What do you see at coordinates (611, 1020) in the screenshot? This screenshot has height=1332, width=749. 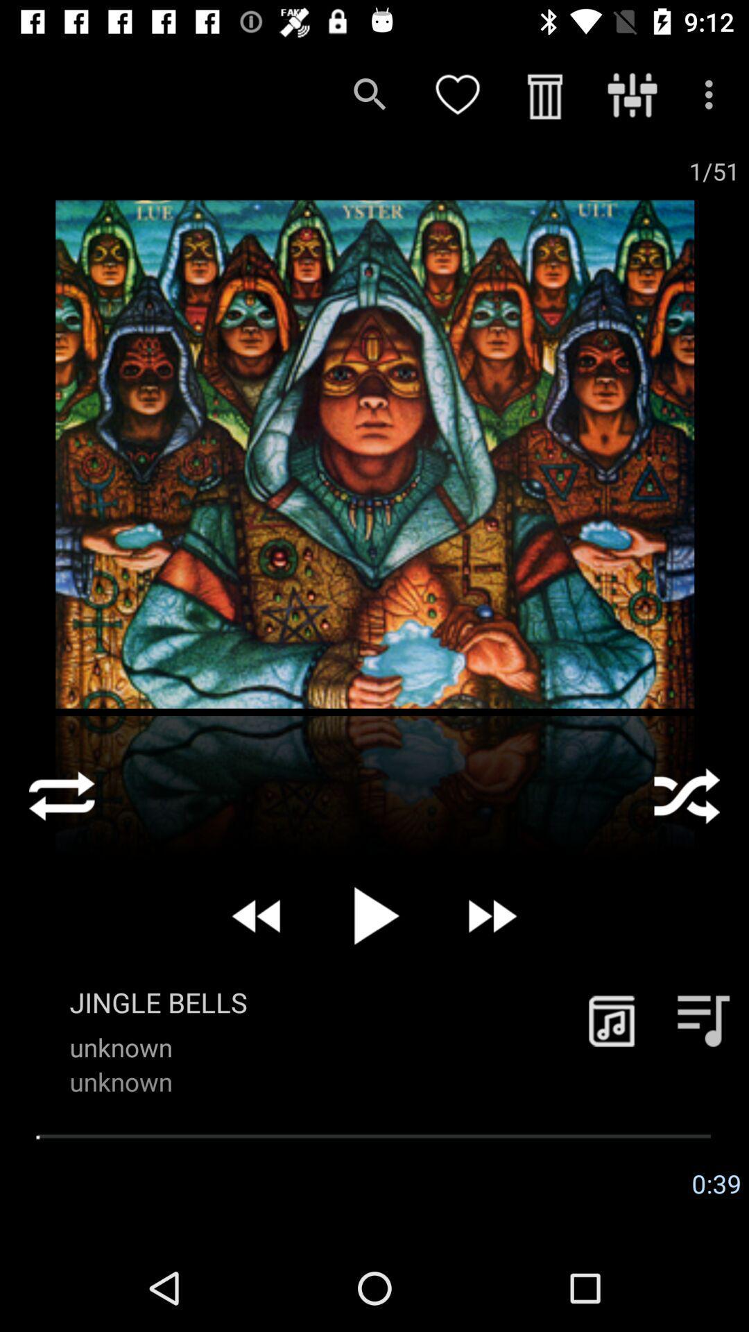 I see `the music icon` at bounding box center [611, 1020].